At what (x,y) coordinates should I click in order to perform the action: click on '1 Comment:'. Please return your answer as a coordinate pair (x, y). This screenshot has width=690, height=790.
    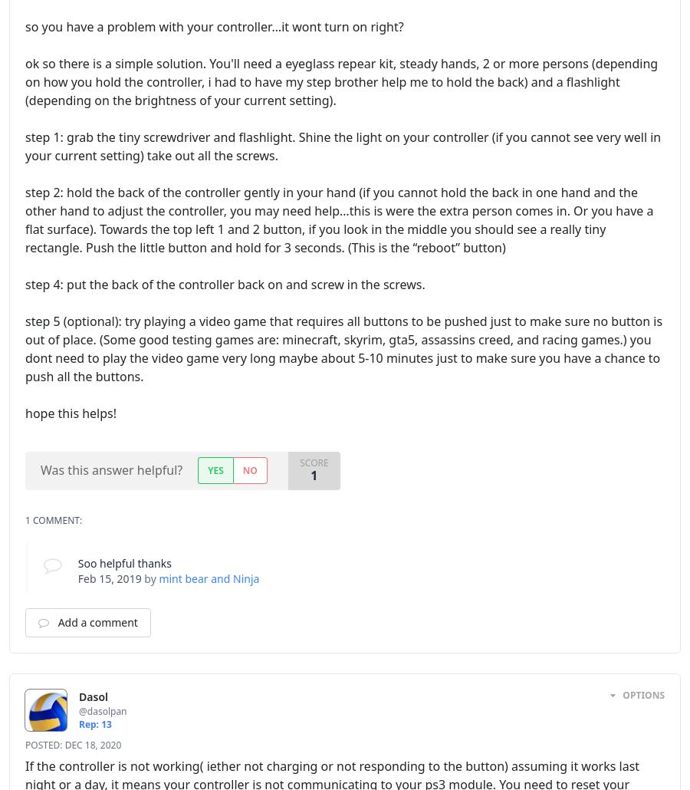
    Looking at the image, I should click on (53, 518).